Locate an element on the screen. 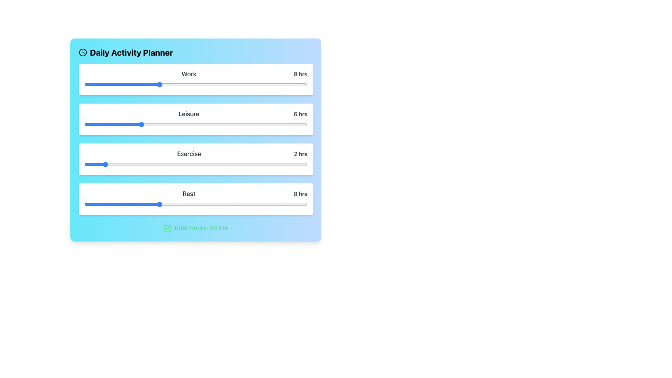 Image resolution: width=672 pixels, height=378 pixels. leisure hours is located at coordinates (84, 124).